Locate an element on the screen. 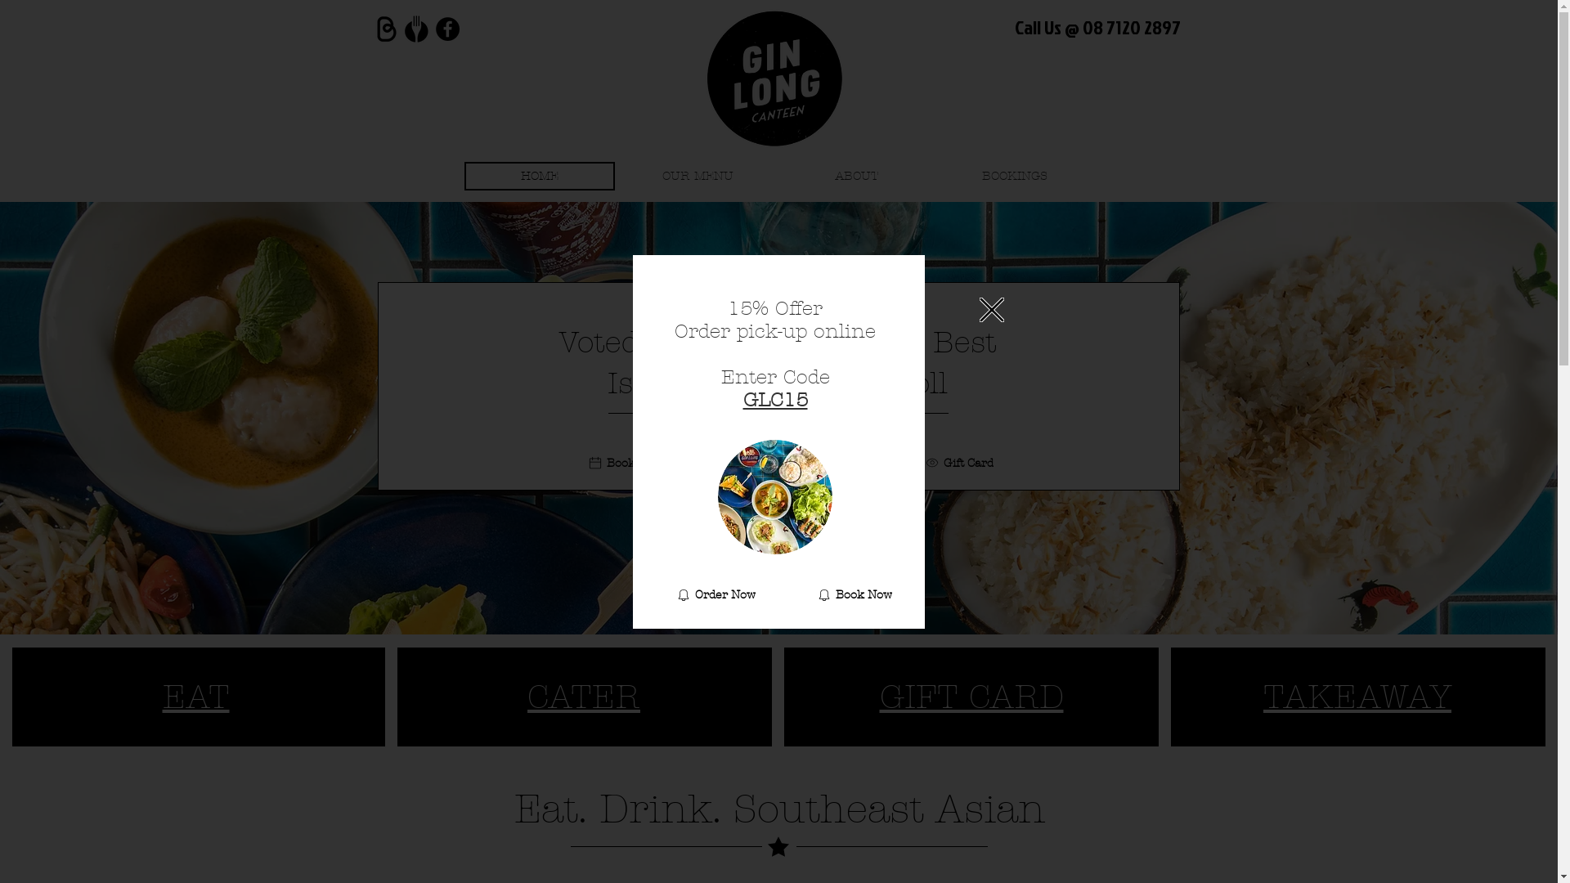  'EAT' is located at coordinates (196, 697).